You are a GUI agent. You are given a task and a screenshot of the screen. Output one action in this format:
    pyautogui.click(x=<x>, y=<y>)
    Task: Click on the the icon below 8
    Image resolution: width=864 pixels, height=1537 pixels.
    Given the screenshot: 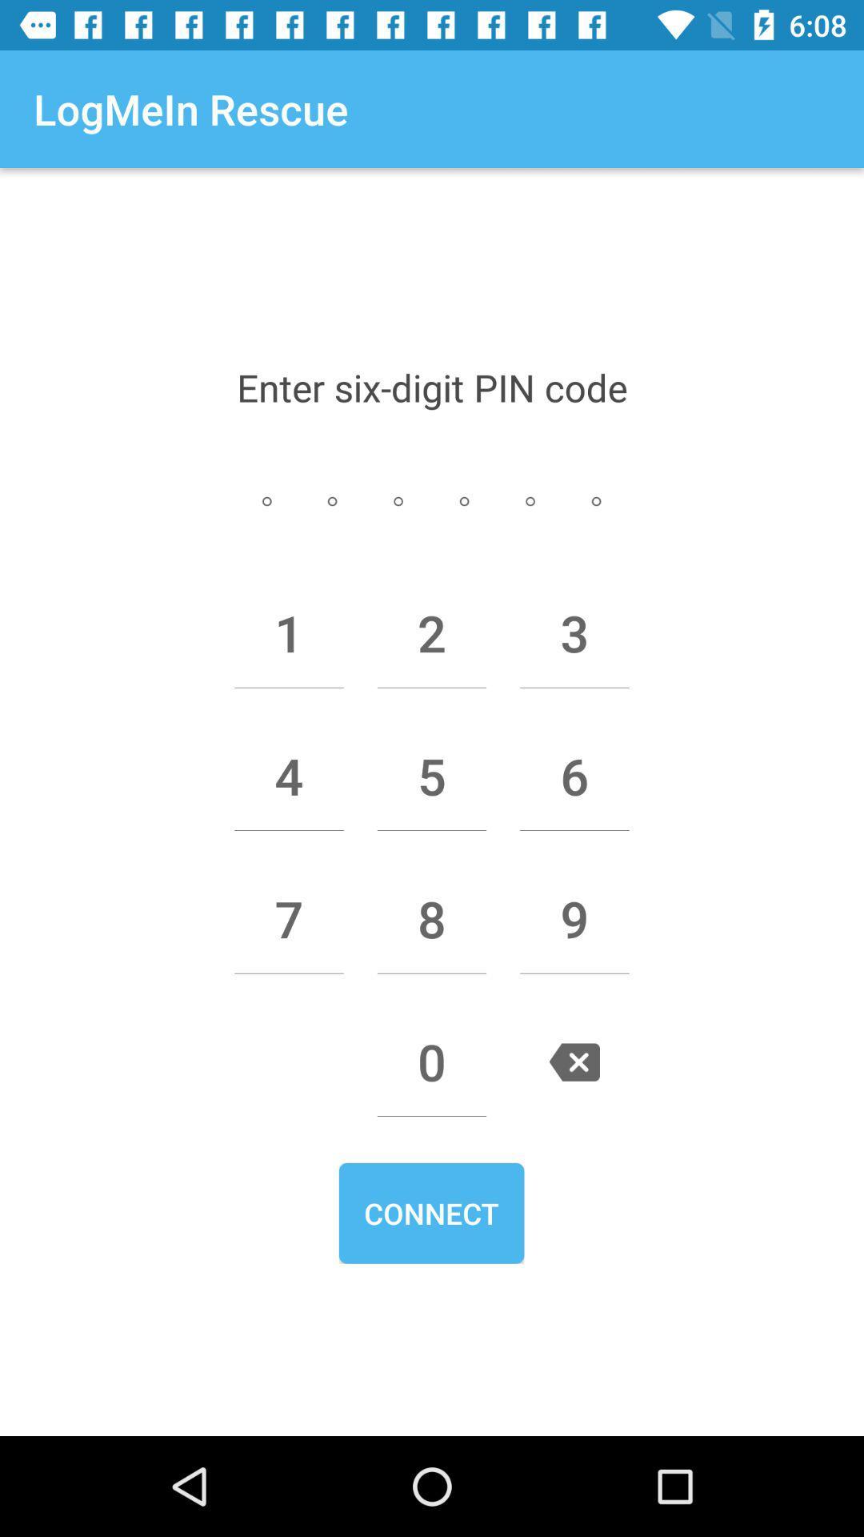 What is the action you would take?
    pyautogui.click(x=432, y=1061)
    